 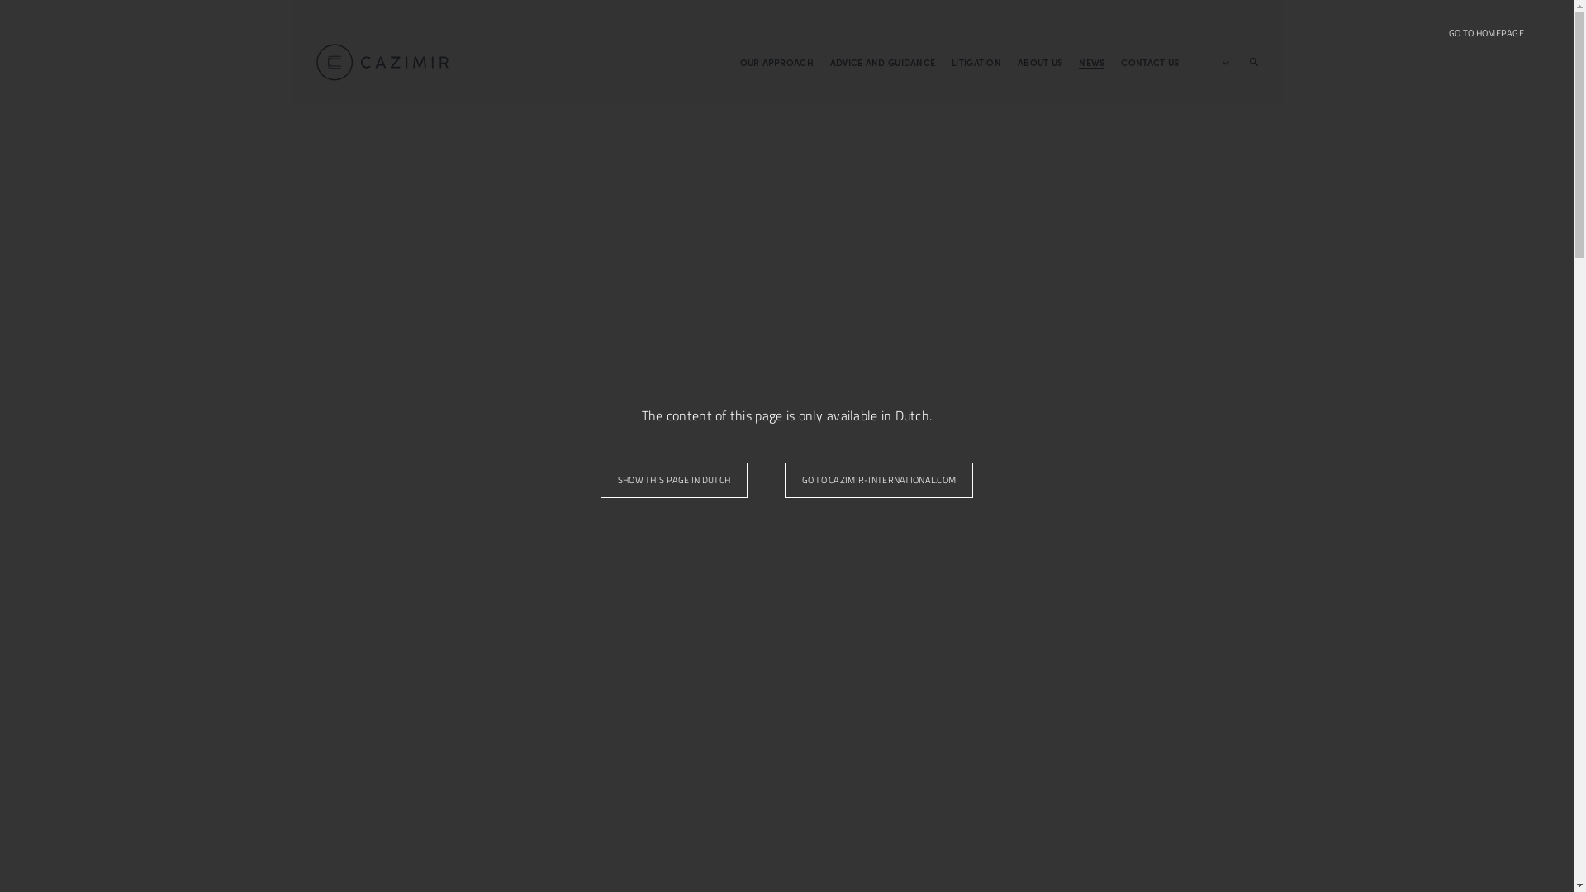 I want to click on 'ADVICE AND GUIDANCE', so click(x=881, y=60).